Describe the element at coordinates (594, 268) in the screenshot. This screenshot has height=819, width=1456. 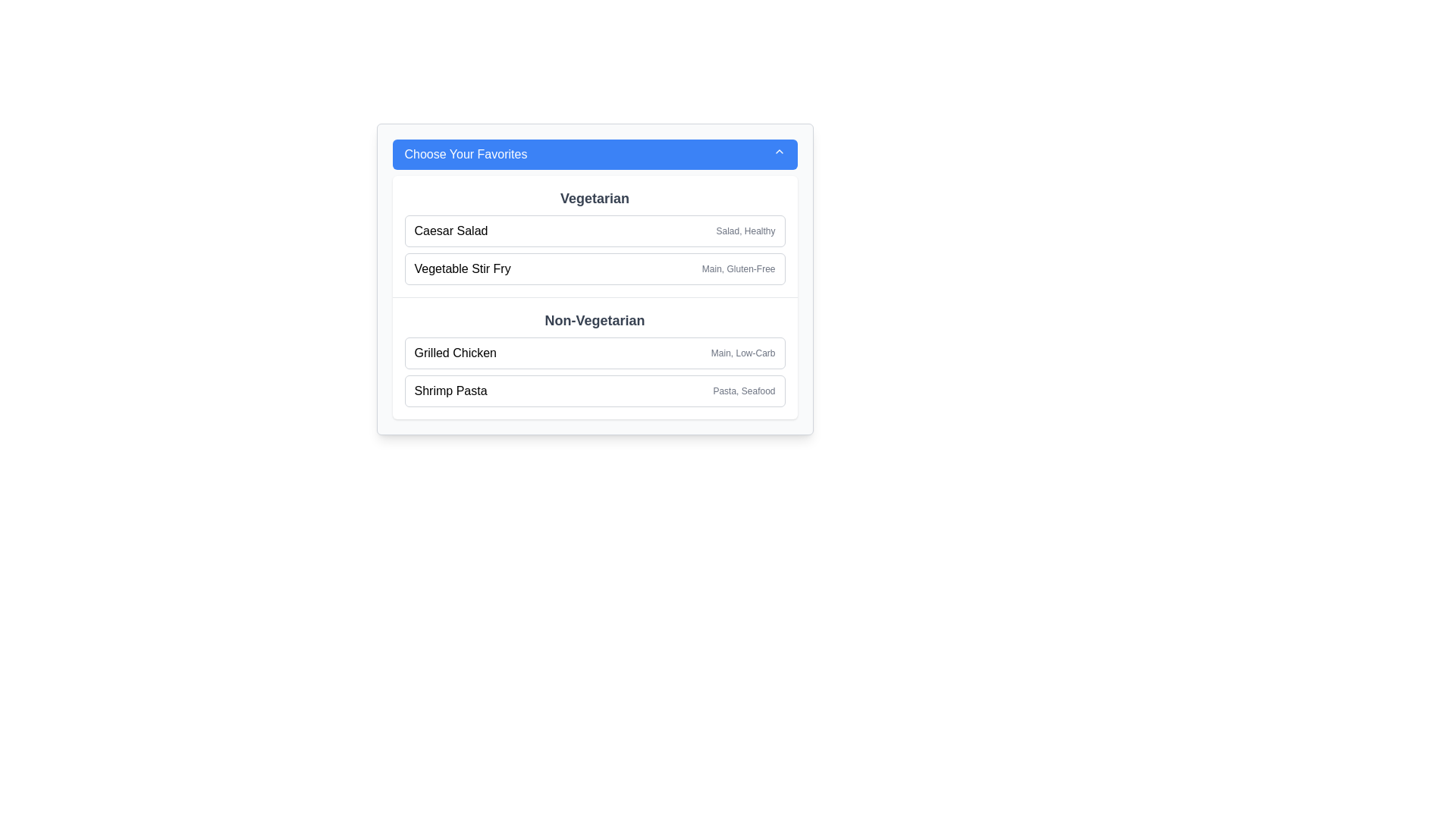
I see `the 'Vegetable Stir Fry' button-like list item in the menu` at that location.